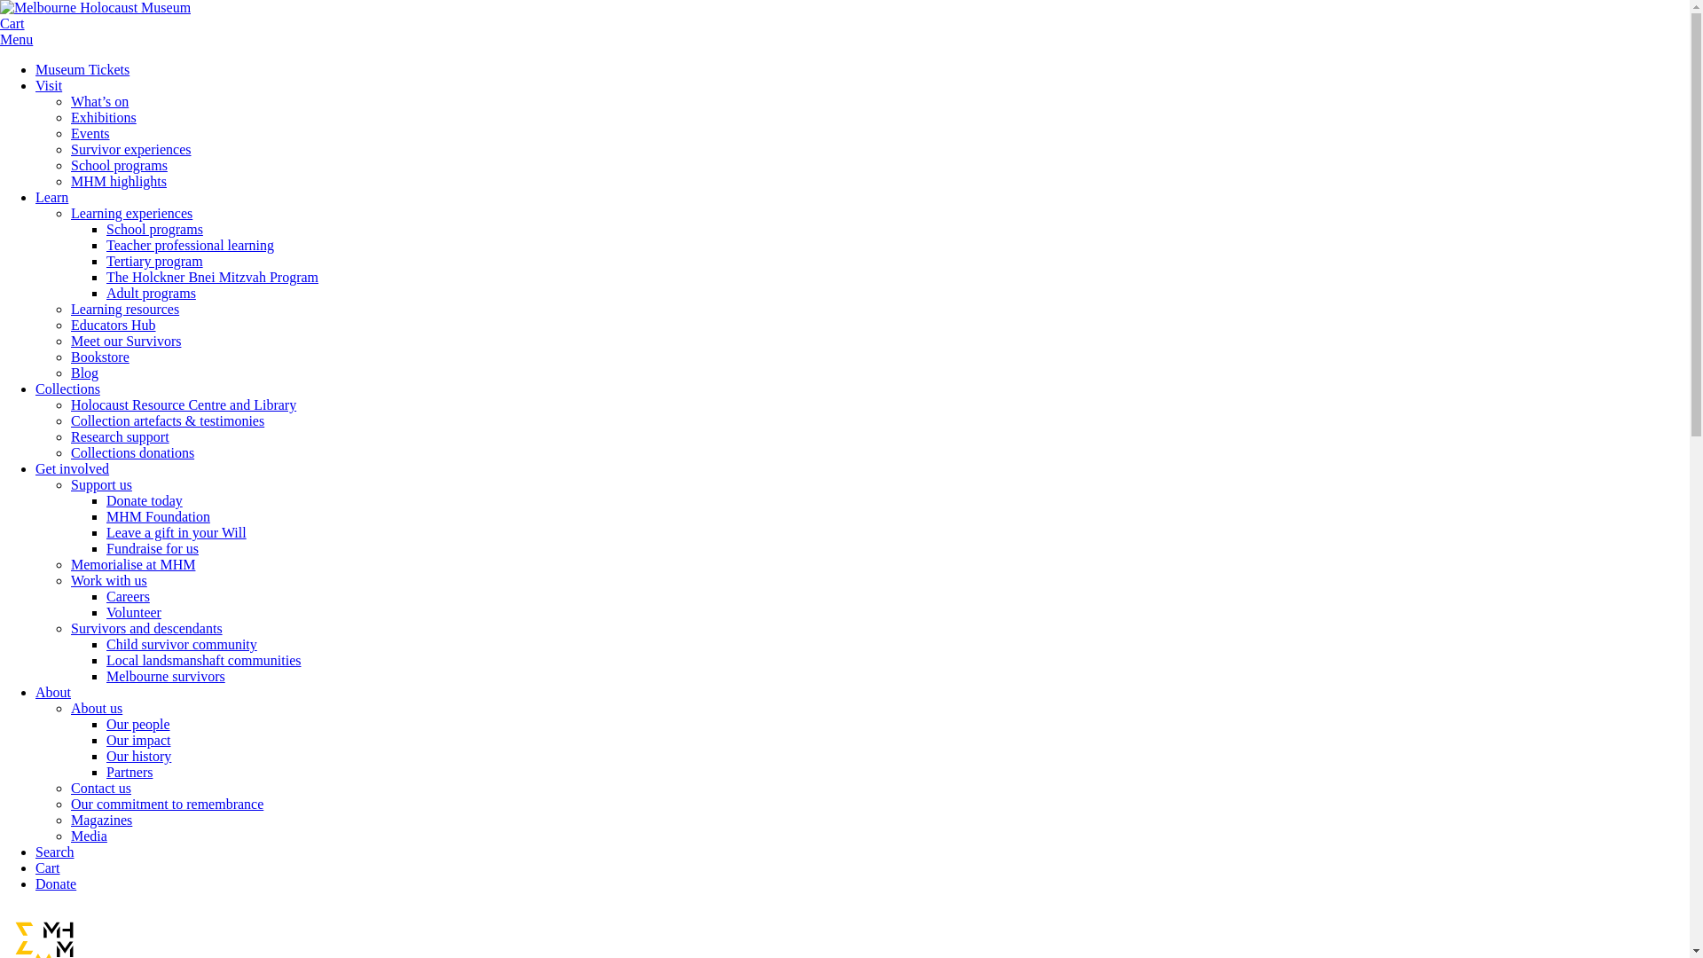 The image size is (1703, 958). Describe the element at coordinates (71, 820) in the screenshot. I see `'Magazines'` at that location.